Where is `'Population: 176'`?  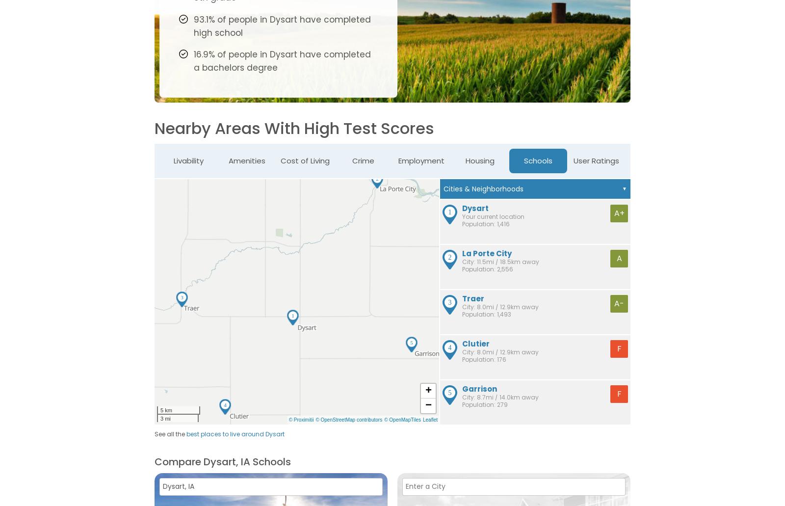
'Population: 176' is located at coordinates (484, 358).